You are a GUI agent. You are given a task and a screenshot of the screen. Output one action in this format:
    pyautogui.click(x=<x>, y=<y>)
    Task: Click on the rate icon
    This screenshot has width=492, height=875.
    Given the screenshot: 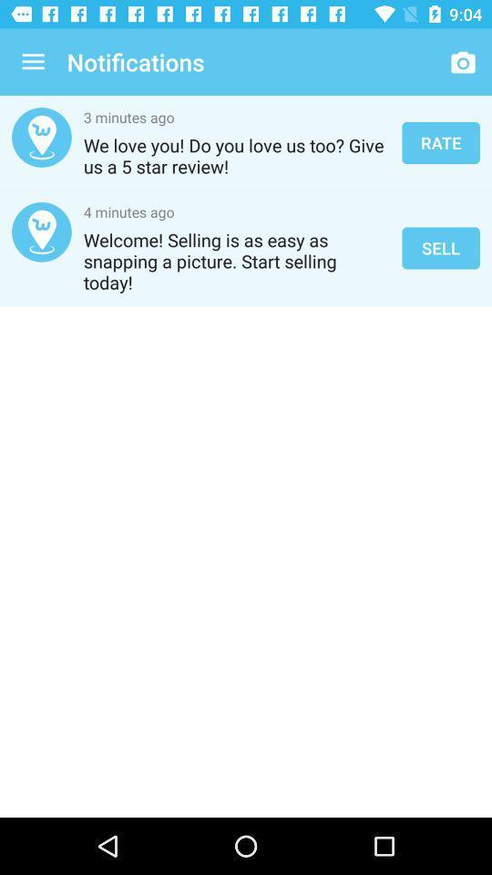 What is the action you would take?
    pyautogui.click(x=440, y=141)
    